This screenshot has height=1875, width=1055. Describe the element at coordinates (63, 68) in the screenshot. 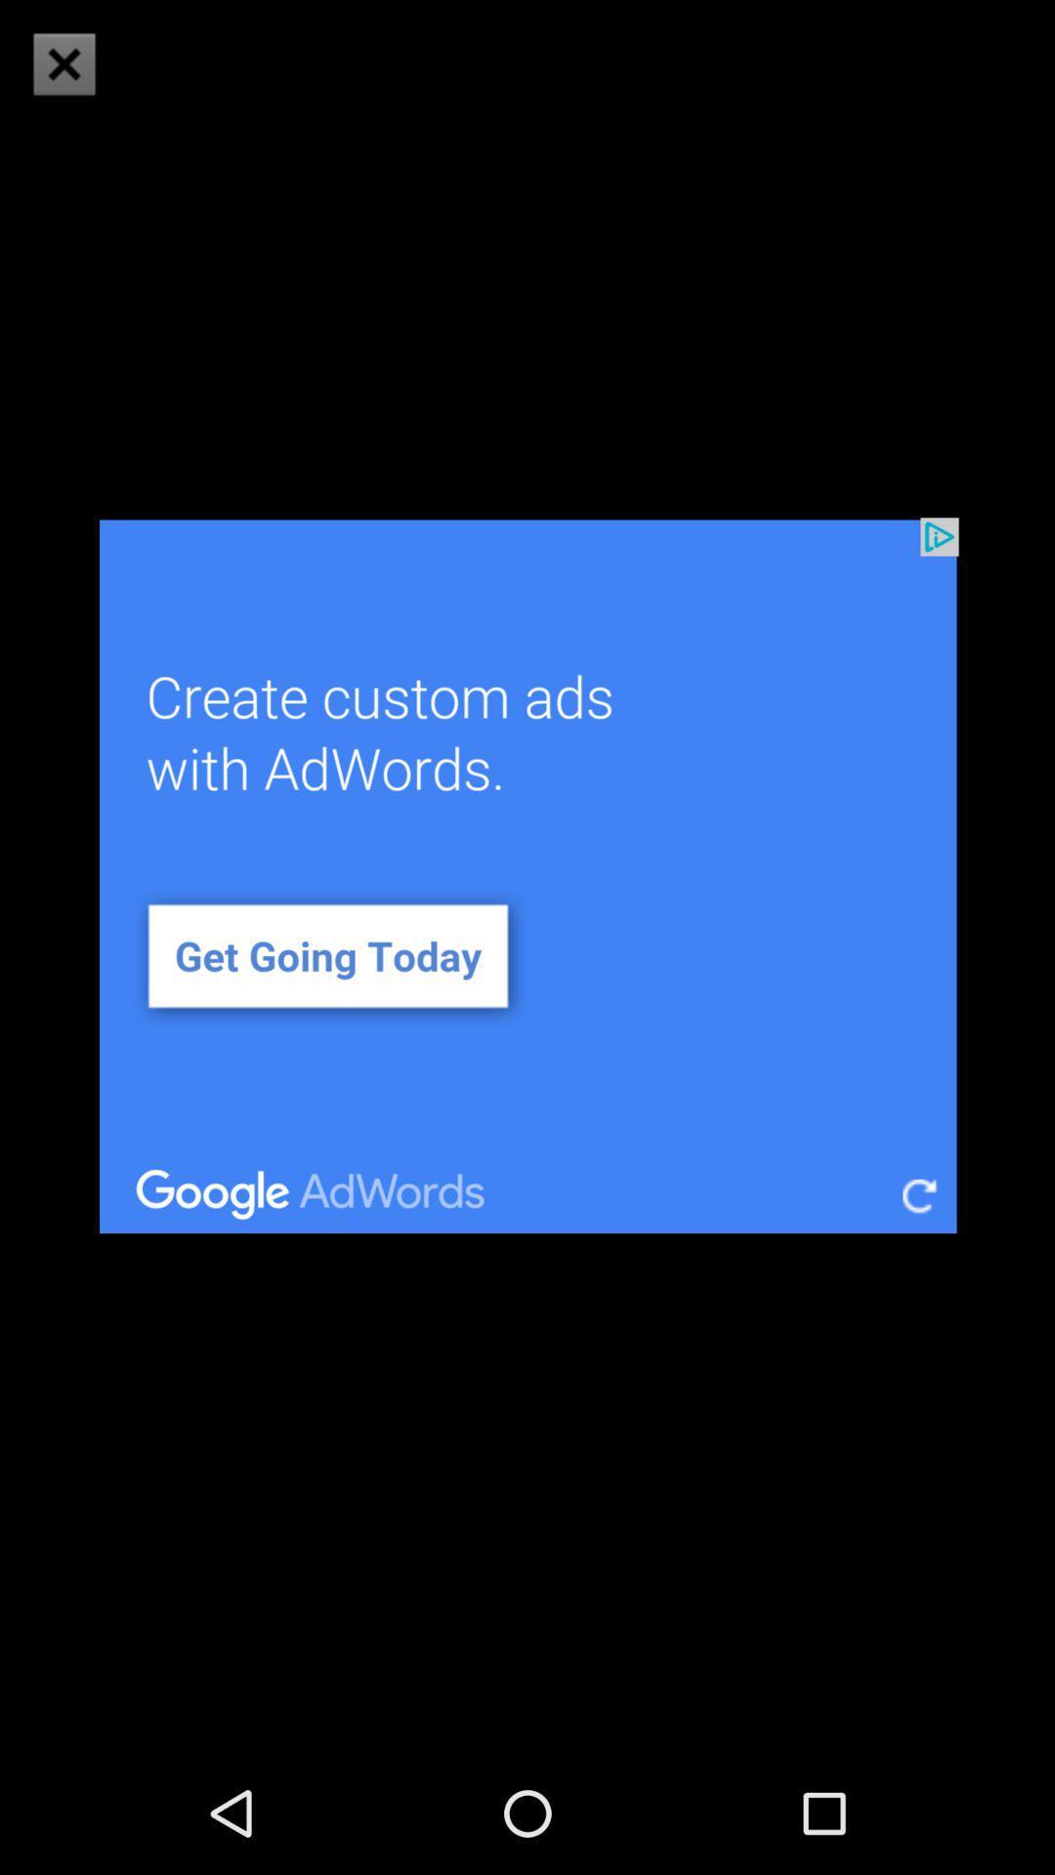

I see `the close icon` at that location.